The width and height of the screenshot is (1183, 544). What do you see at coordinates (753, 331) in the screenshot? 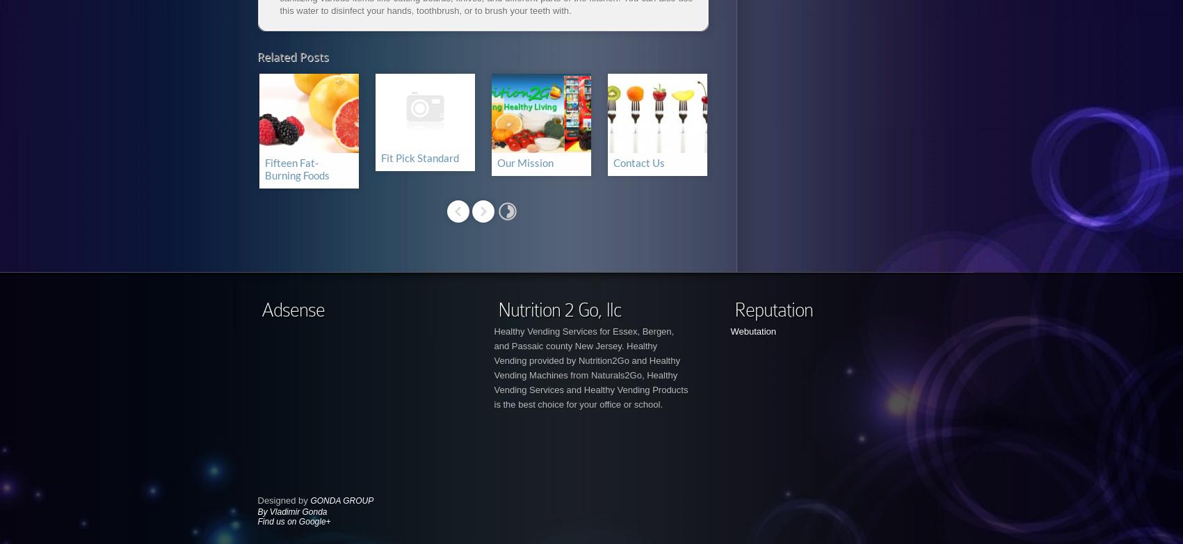
I see `'Webutation'` at bounding box center [753, 331].